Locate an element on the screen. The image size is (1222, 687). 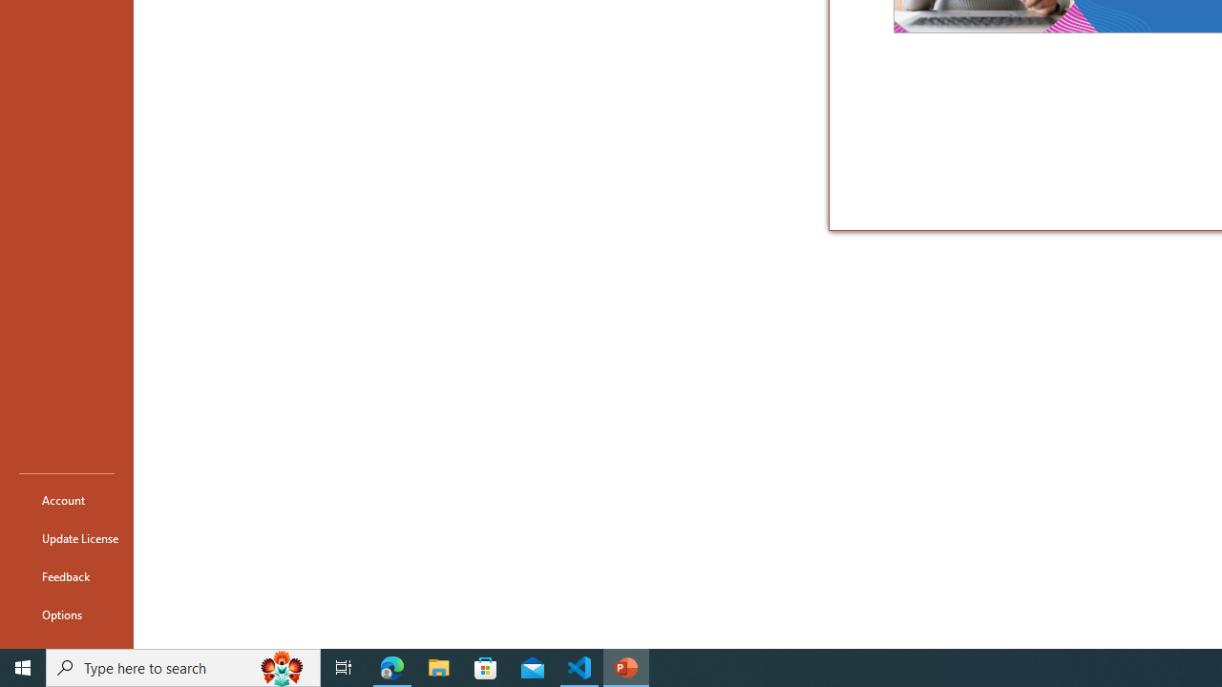
'Feedback' is located at coordinates (66, 575).